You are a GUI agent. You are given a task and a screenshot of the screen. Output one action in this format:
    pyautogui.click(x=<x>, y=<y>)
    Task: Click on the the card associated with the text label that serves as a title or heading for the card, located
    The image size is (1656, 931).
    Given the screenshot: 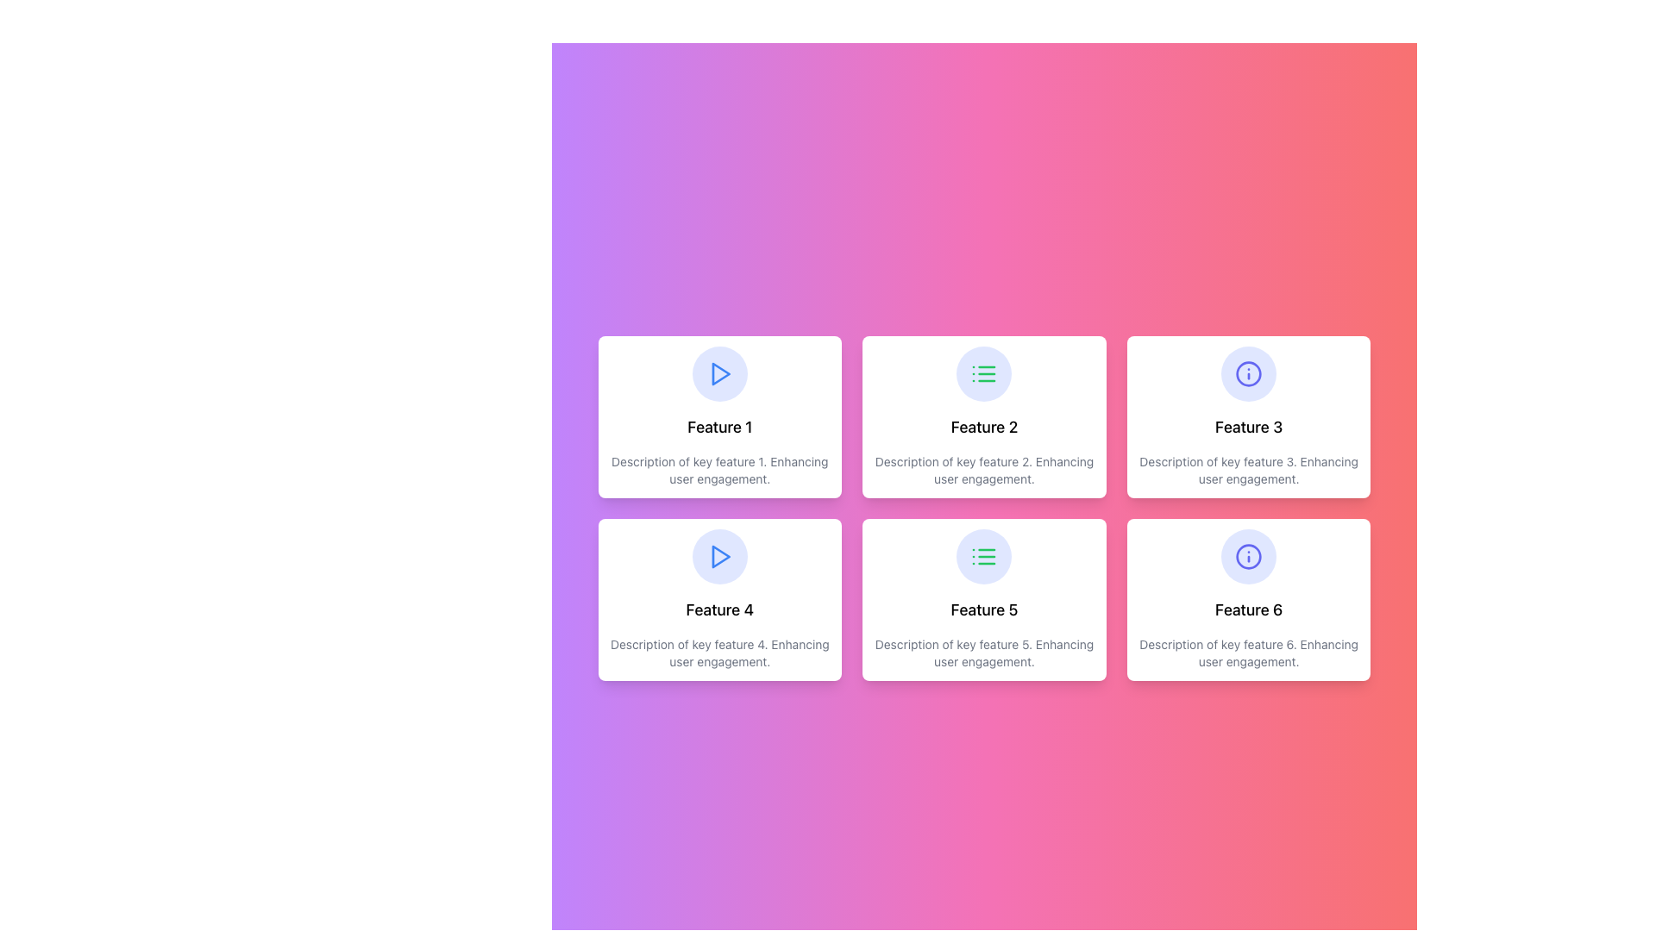 What is the action you would take?
    pyautogui.click(x=984, y=427)
    